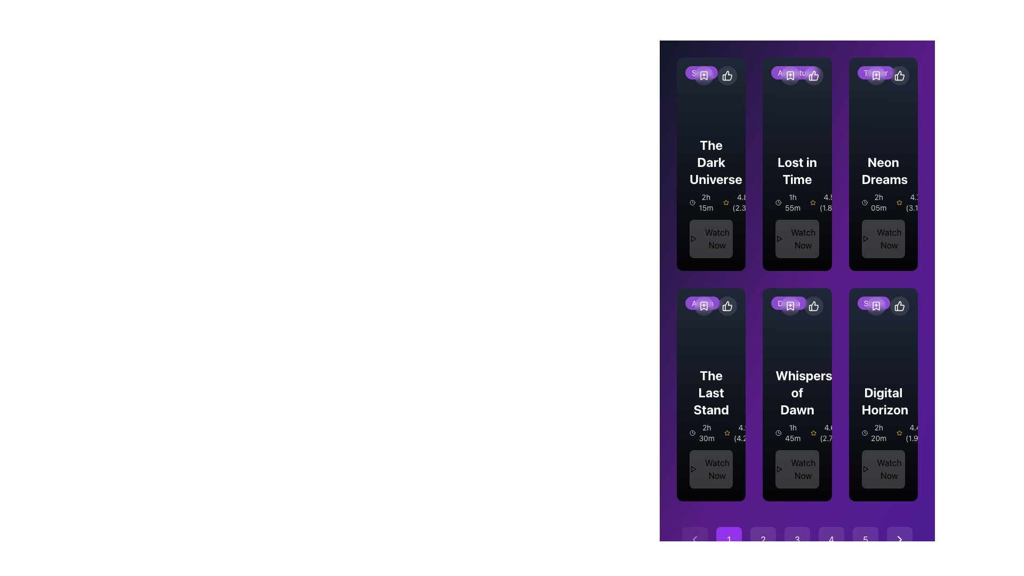 The width and height of the screenshot is (1024, 576). Describe the element at coordinates (797, 203) in the screenshot. I see `the Information display section that shows the duration '1h 55m' and the rating '4.5 (1.8k)', located below the title 'Lost in Time'` at that location.